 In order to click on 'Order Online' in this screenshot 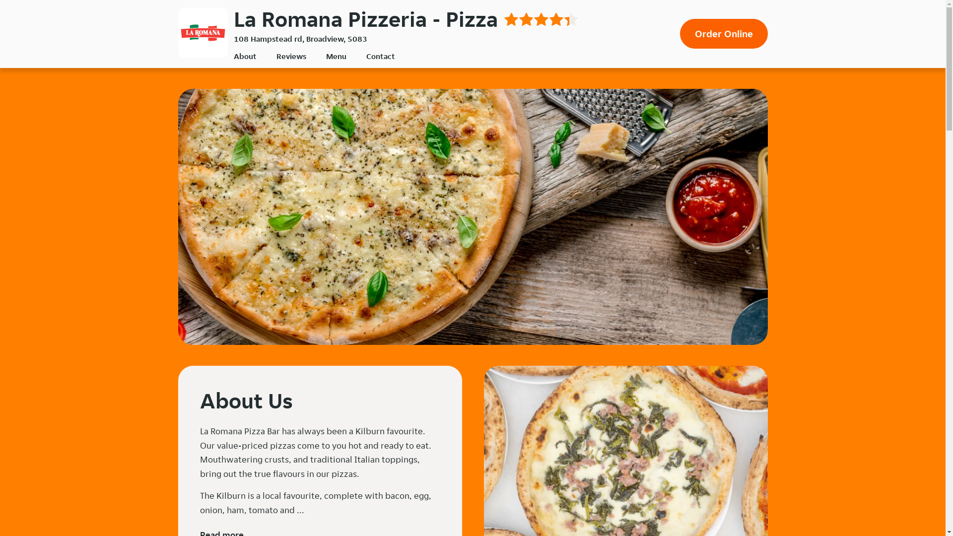, I will do `click(724, 33)`.